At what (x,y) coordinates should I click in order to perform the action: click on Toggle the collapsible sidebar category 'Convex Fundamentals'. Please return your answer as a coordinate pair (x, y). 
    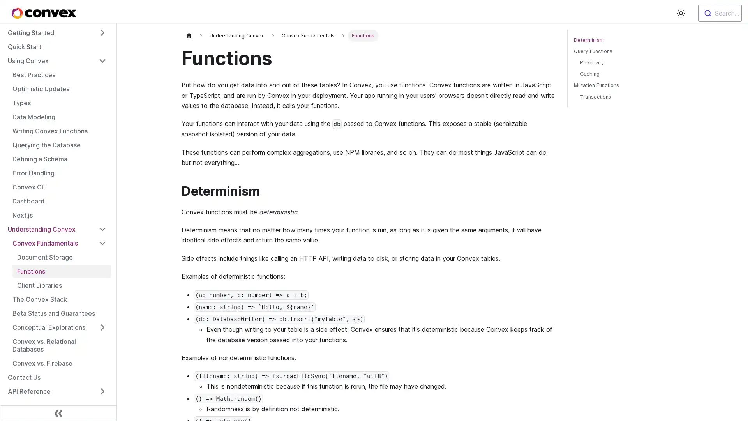
    Looking at the image, I should click on (102, 243).